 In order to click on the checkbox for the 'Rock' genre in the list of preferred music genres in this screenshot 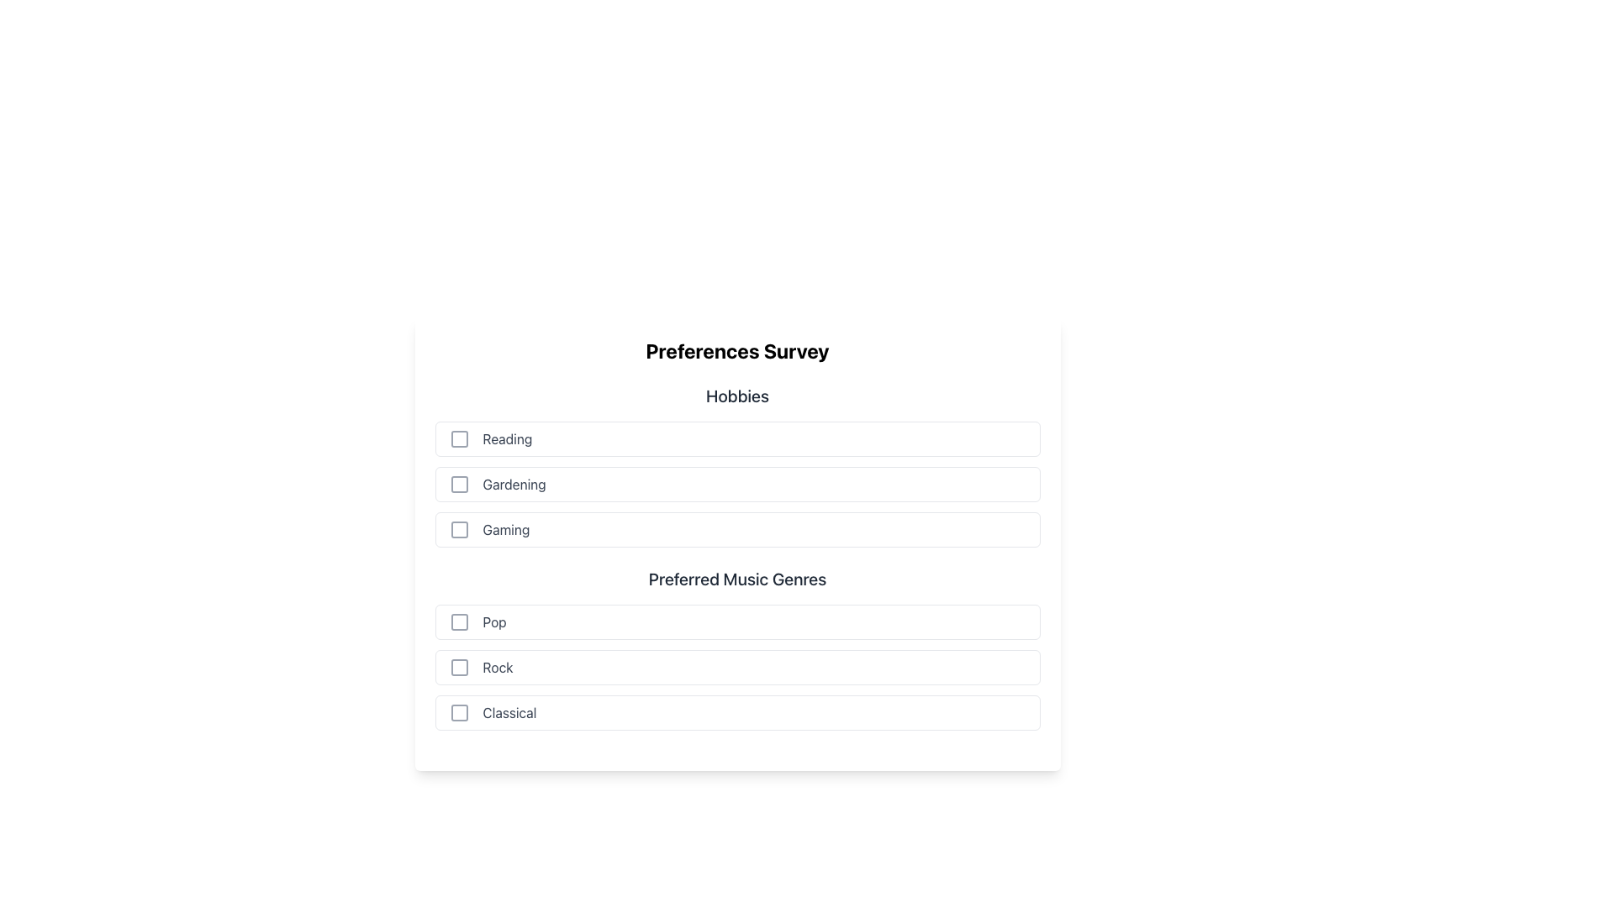, I will do `click(737, 666)`.